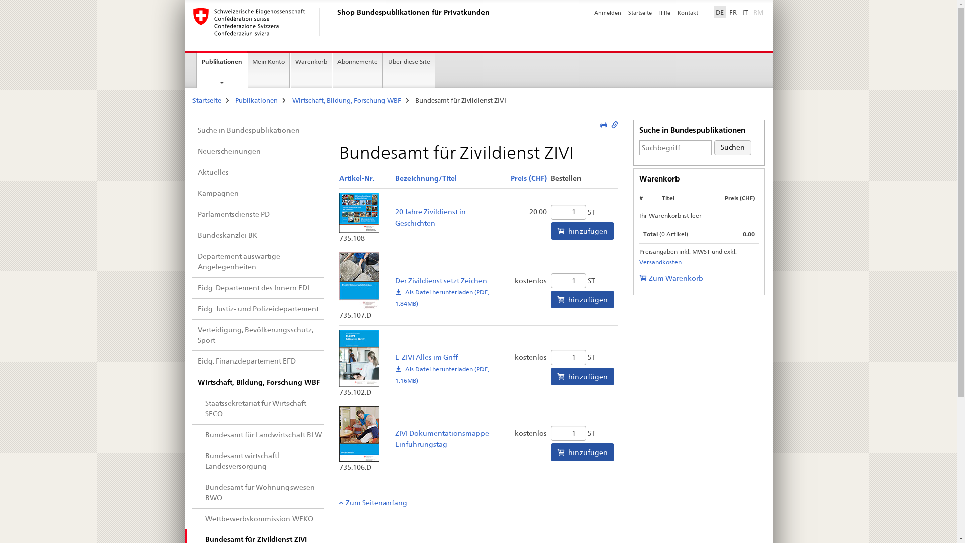 The image size is (965, 543). What do you see at coordinates (664, 12) in the screenshot?
I see `'Hilfe'` at bounding box center [664, 12].